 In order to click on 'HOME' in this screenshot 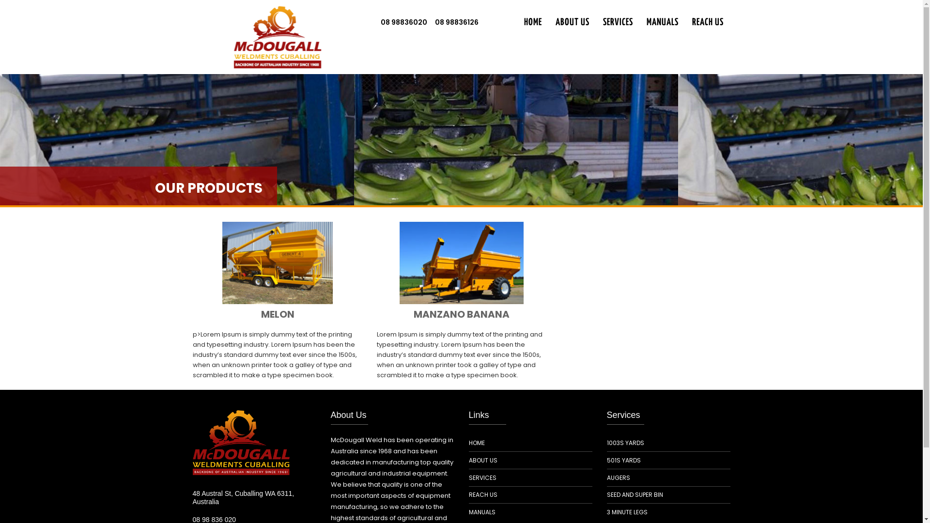, I will do `click(477, 443)`.